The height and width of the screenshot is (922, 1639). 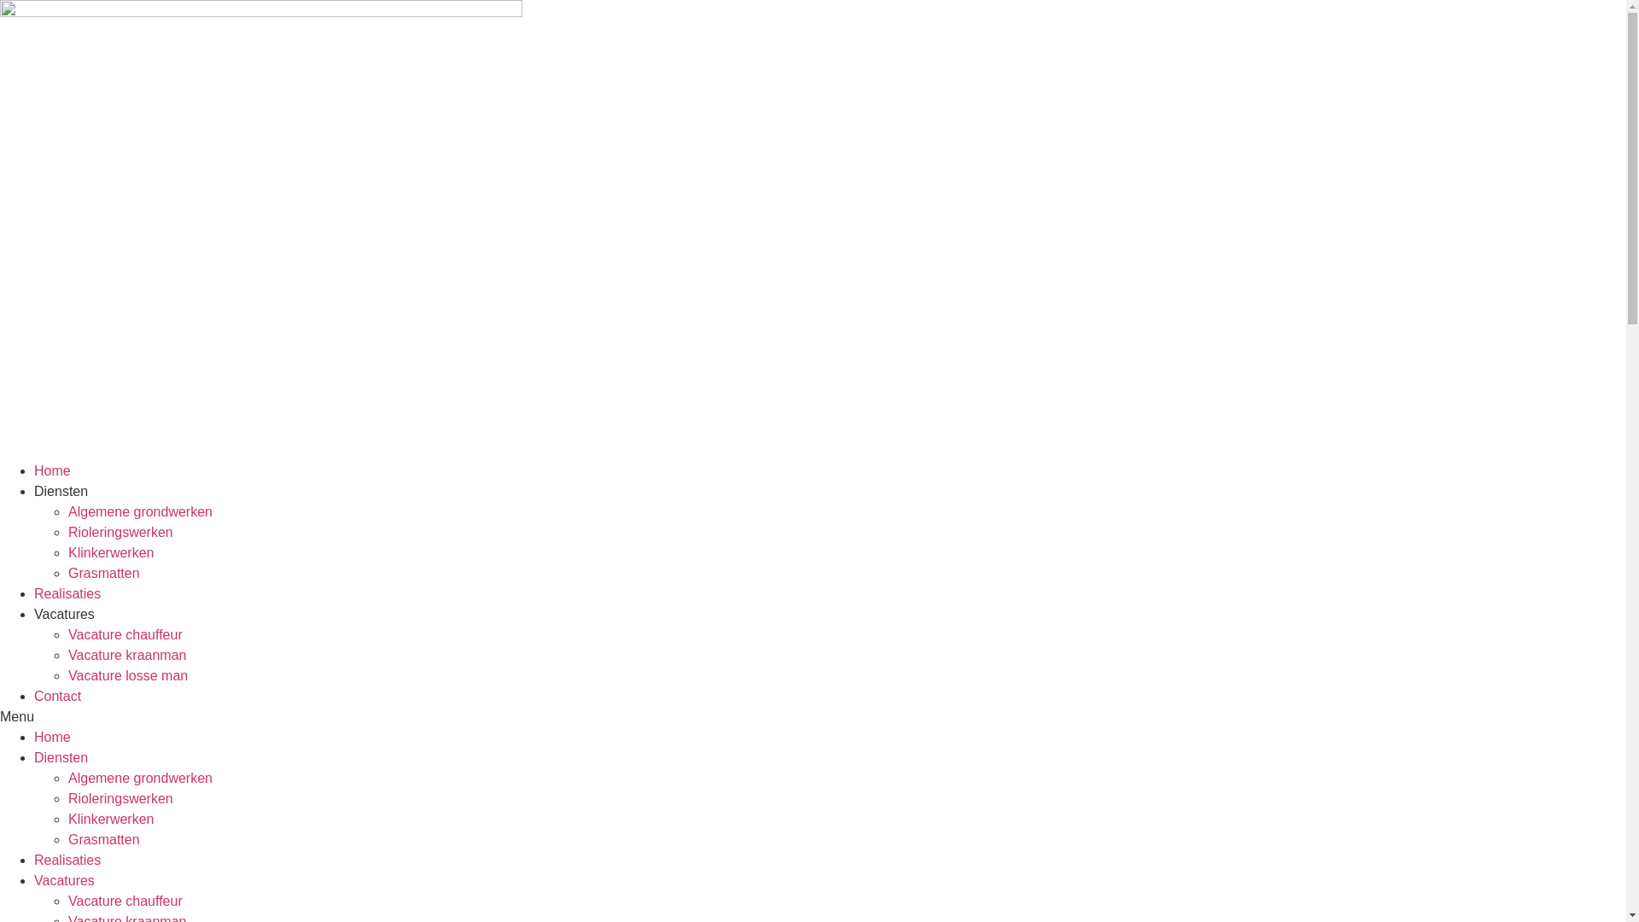 I want to click on 'Vacature kraanman', so click(x=125, y=654).